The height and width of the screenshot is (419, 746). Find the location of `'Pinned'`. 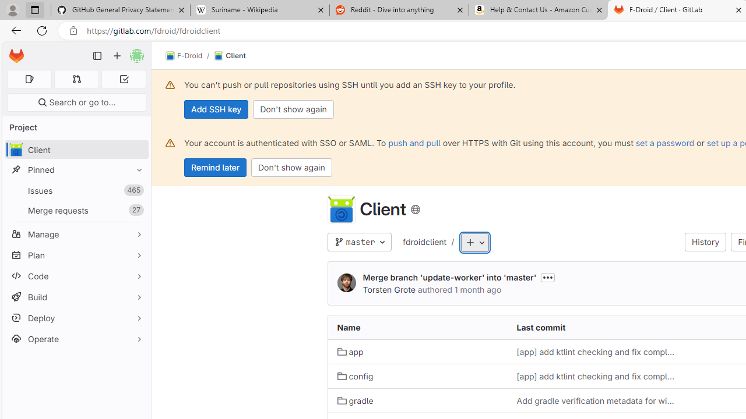

'Pinned' is located at coordinates (76, 169).